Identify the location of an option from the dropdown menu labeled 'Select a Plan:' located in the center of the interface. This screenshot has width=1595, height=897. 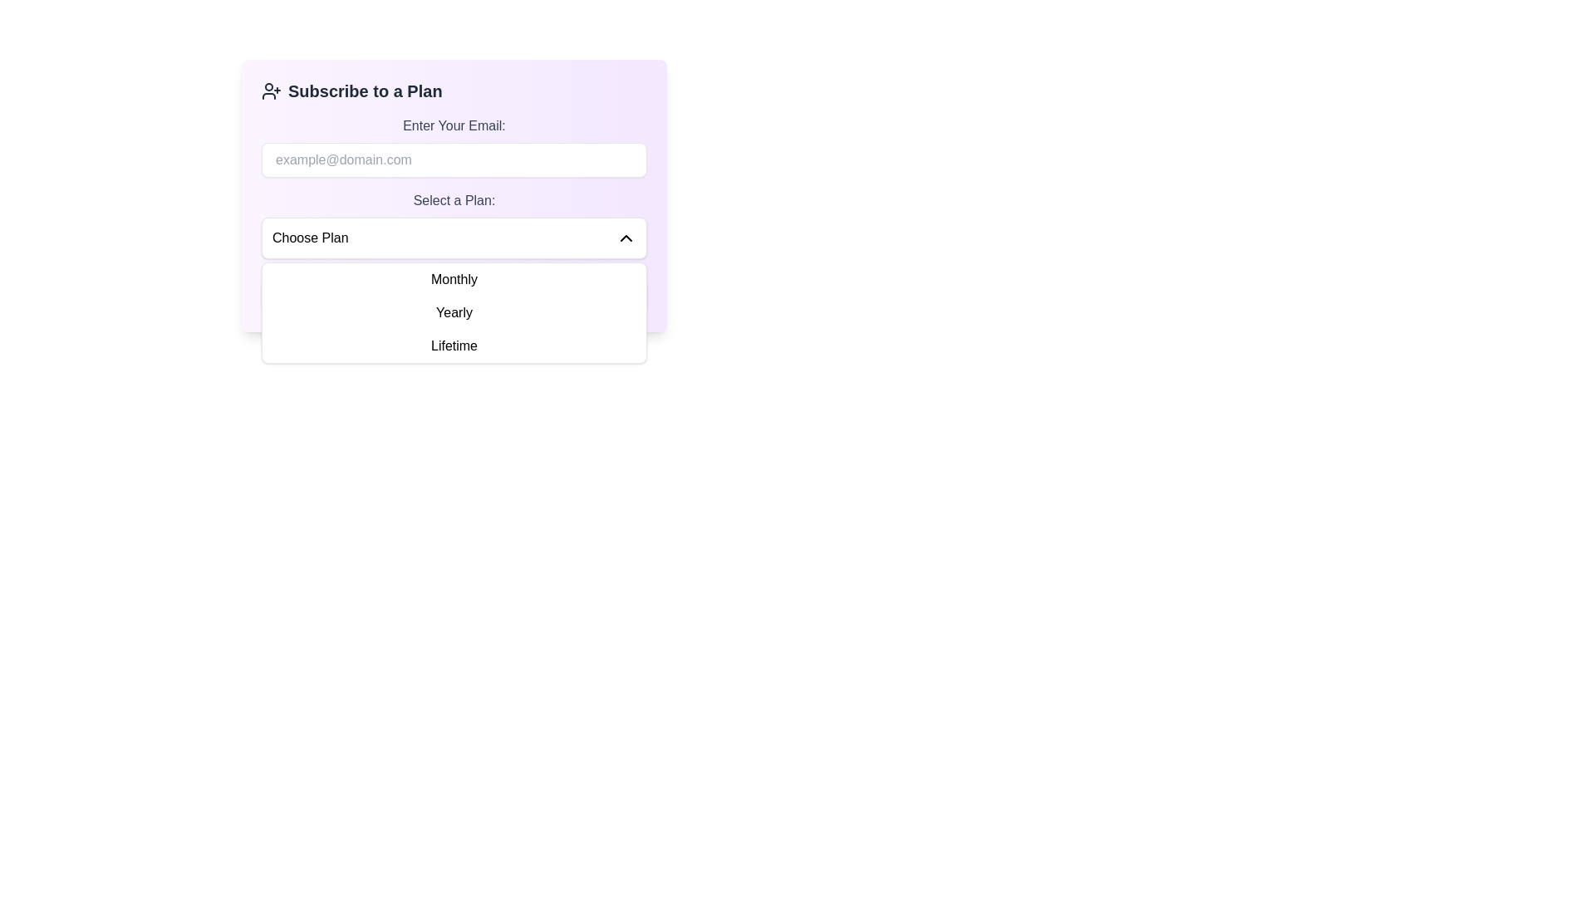
(454, 238).